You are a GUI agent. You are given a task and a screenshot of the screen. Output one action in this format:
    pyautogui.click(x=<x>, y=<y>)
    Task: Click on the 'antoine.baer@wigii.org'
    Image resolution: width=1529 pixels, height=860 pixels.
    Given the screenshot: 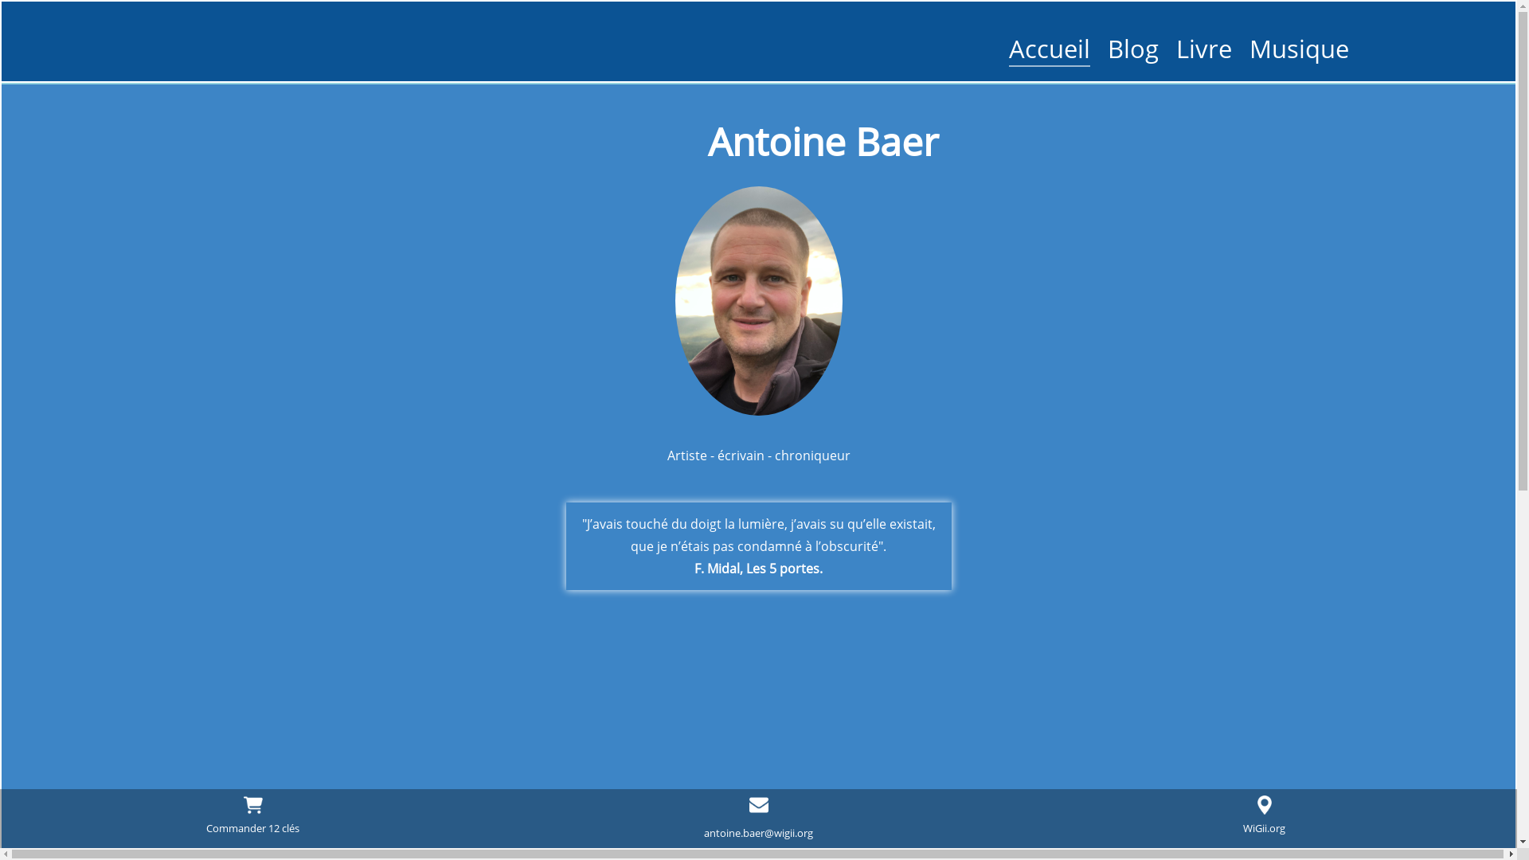 What is the action you would take?
    pyautogui.click(x=757, y=831)
    